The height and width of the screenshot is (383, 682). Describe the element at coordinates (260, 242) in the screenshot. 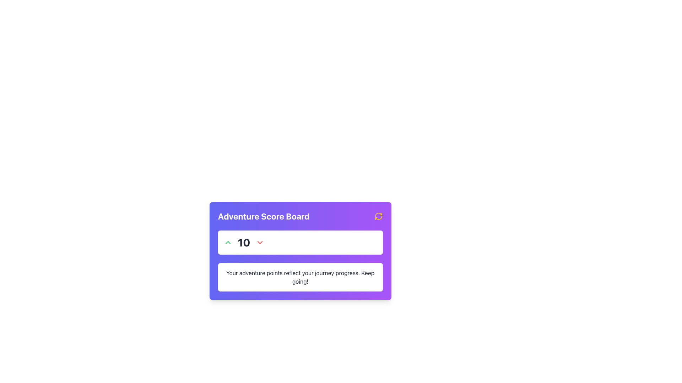

I see `the dropdown control located to the right of the bold number '10' for additional interaction` at that location.